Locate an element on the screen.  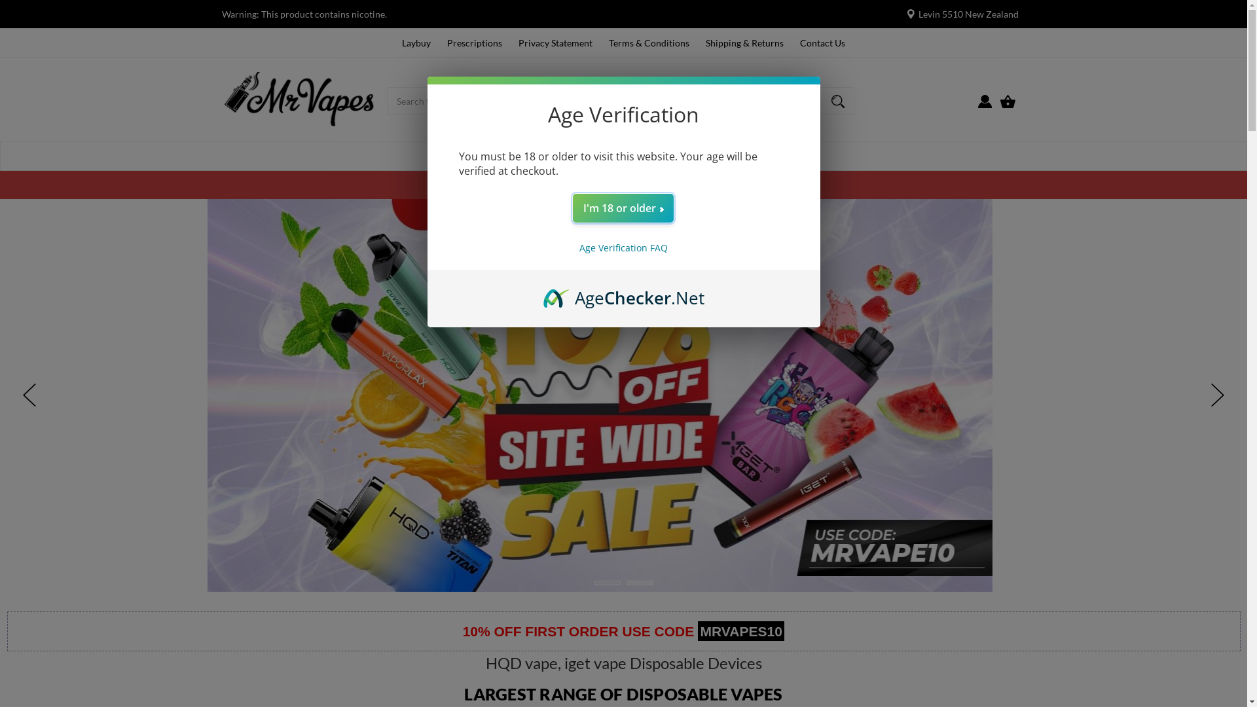
'Shipping & Returns' is located at coordinates (697, 42).